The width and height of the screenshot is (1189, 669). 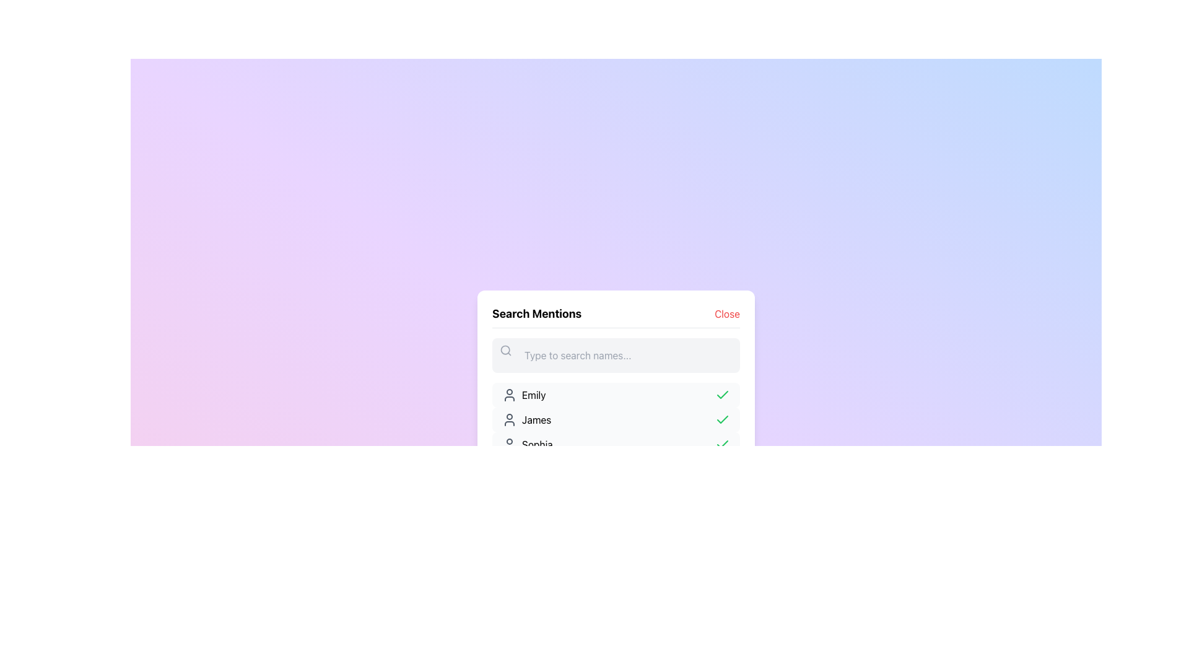 What do you see at coordinates (536, 419) in the screenshot?
I see `the selectable name 'James' in the 'Search Mentions' section` at bounding box center [536, 419].